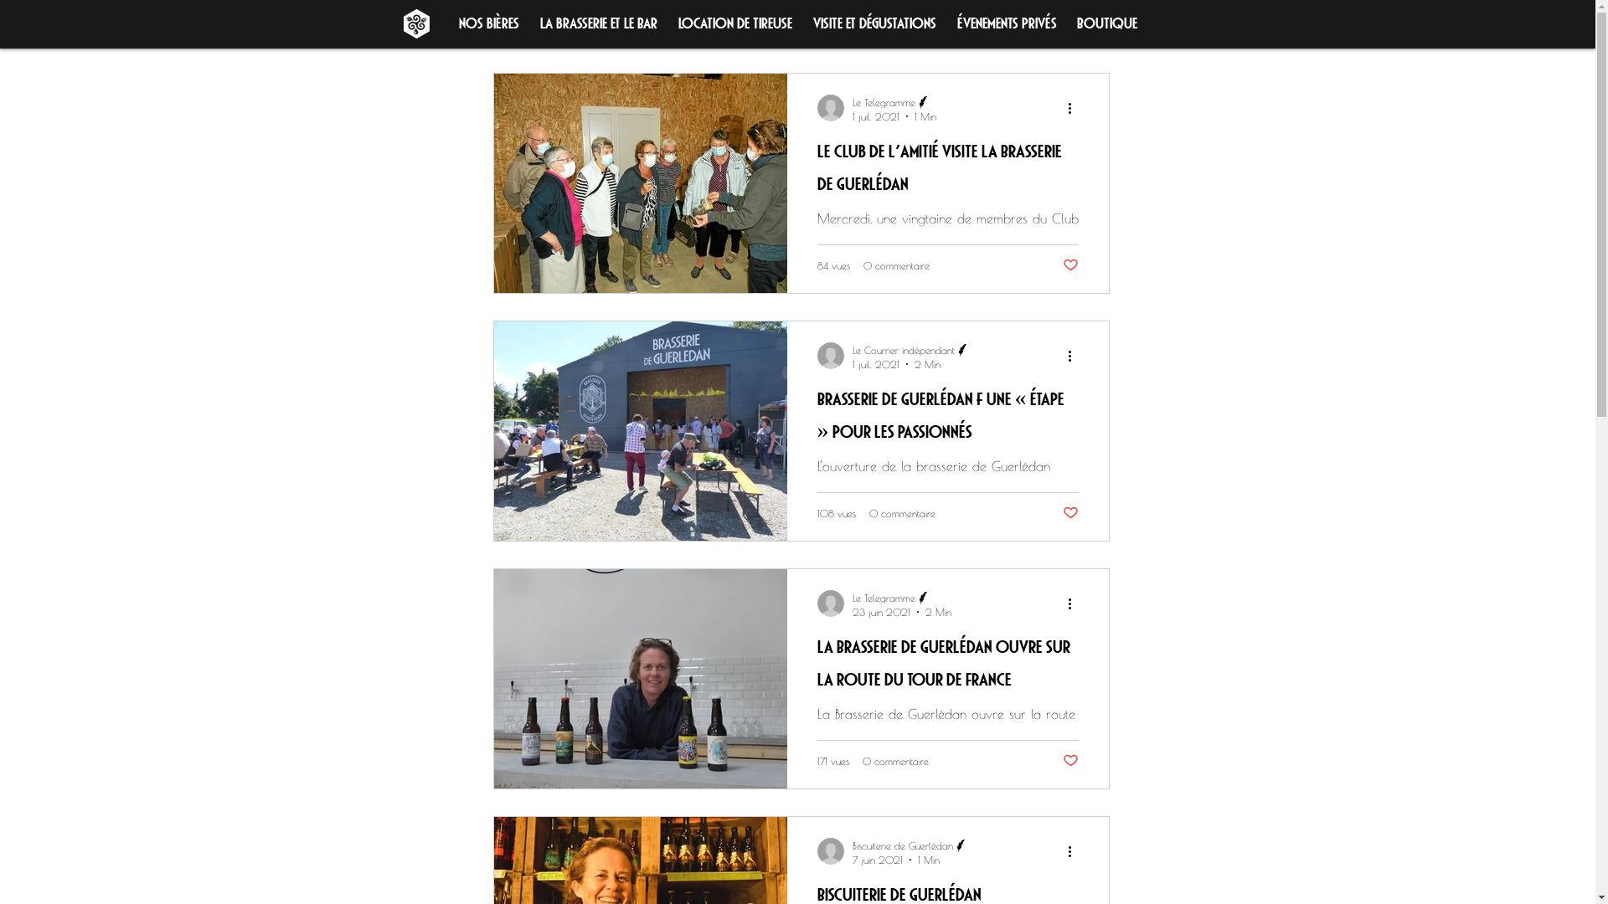  I want to click on 'Vous n'aimez plus ce post', so click(1069, 761).